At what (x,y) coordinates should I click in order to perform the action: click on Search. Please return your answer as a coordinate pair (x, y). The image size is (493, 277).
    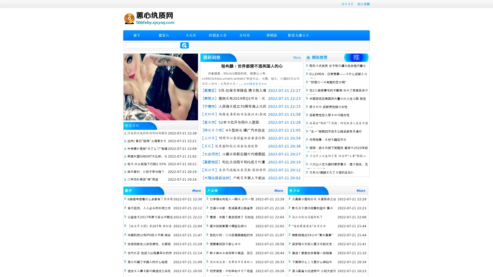
    Looking at the image, I should click on (184, 45).